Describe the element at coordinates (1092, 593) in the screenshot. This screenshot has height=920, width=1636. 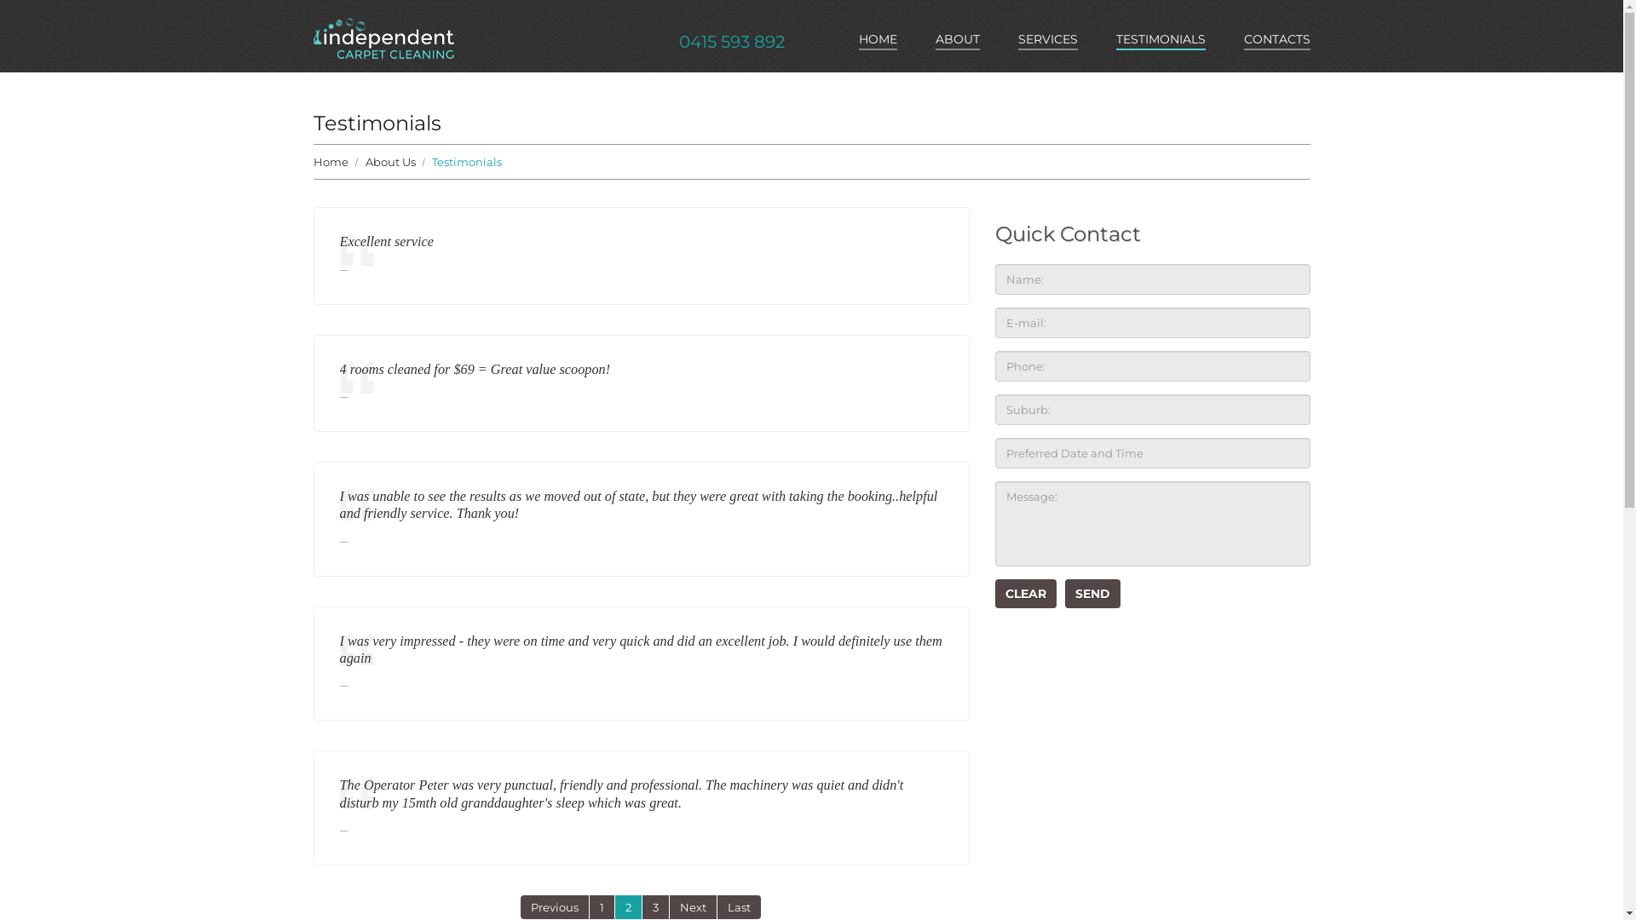
I see `'send'` at that location.